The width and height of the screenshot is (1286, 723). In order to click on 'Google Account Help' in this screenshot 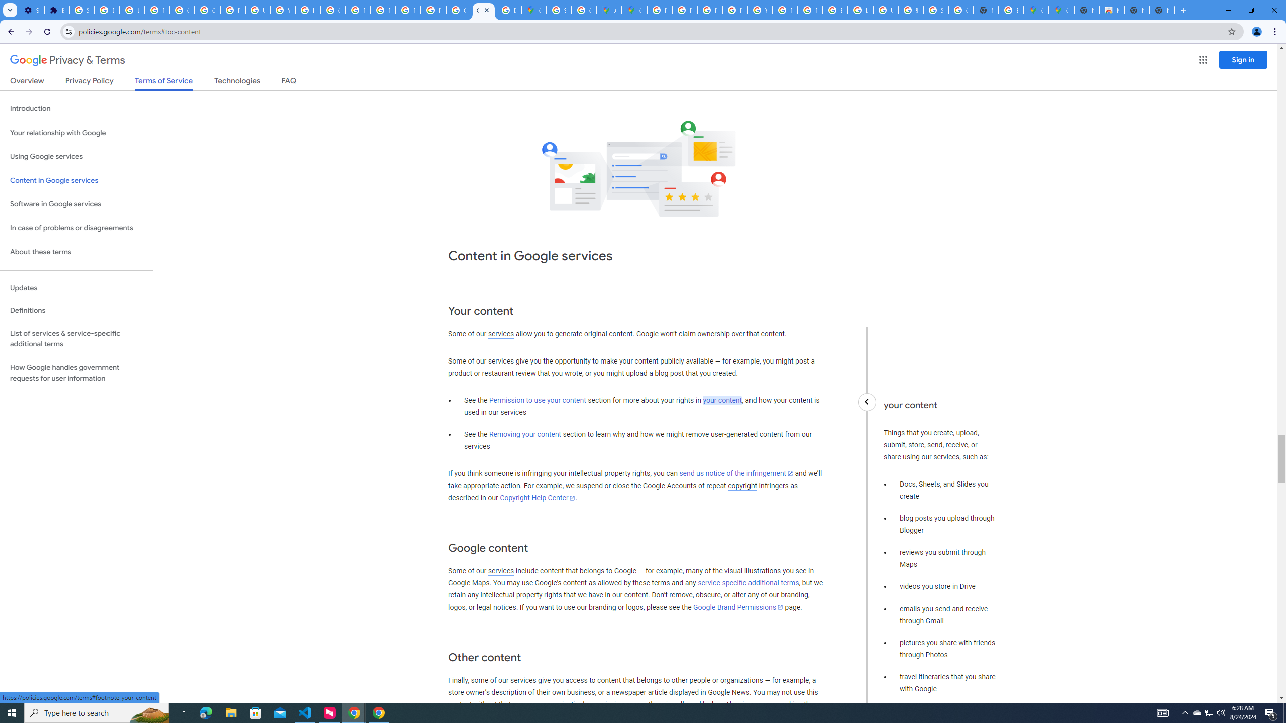, I will do `click(182, 10)`.